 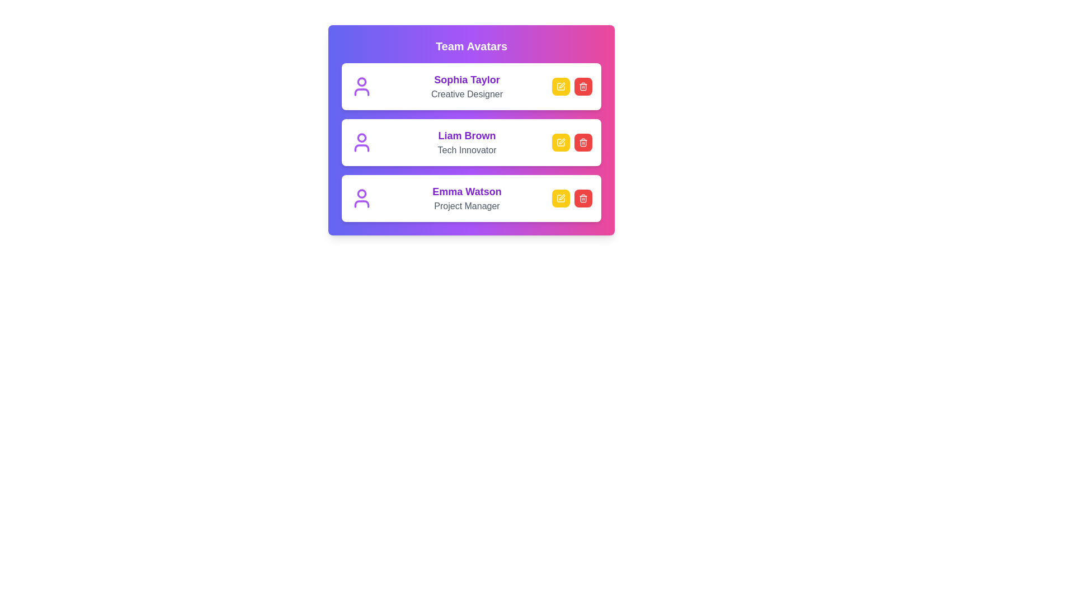 I want to click on the 'Delete' button for 'Sophia Taylor - Creative Designer', so click(x=582, y=86).